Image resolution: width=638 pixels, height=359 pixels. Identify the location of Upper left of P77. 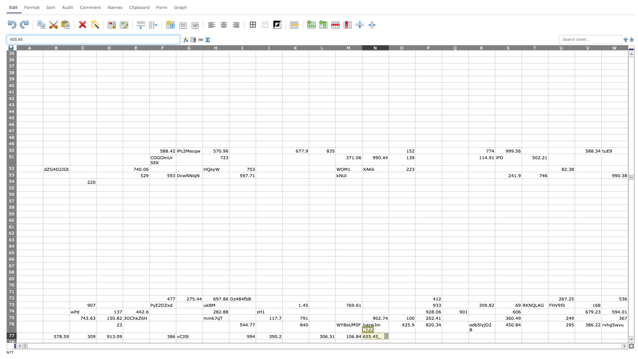
(415, 333).